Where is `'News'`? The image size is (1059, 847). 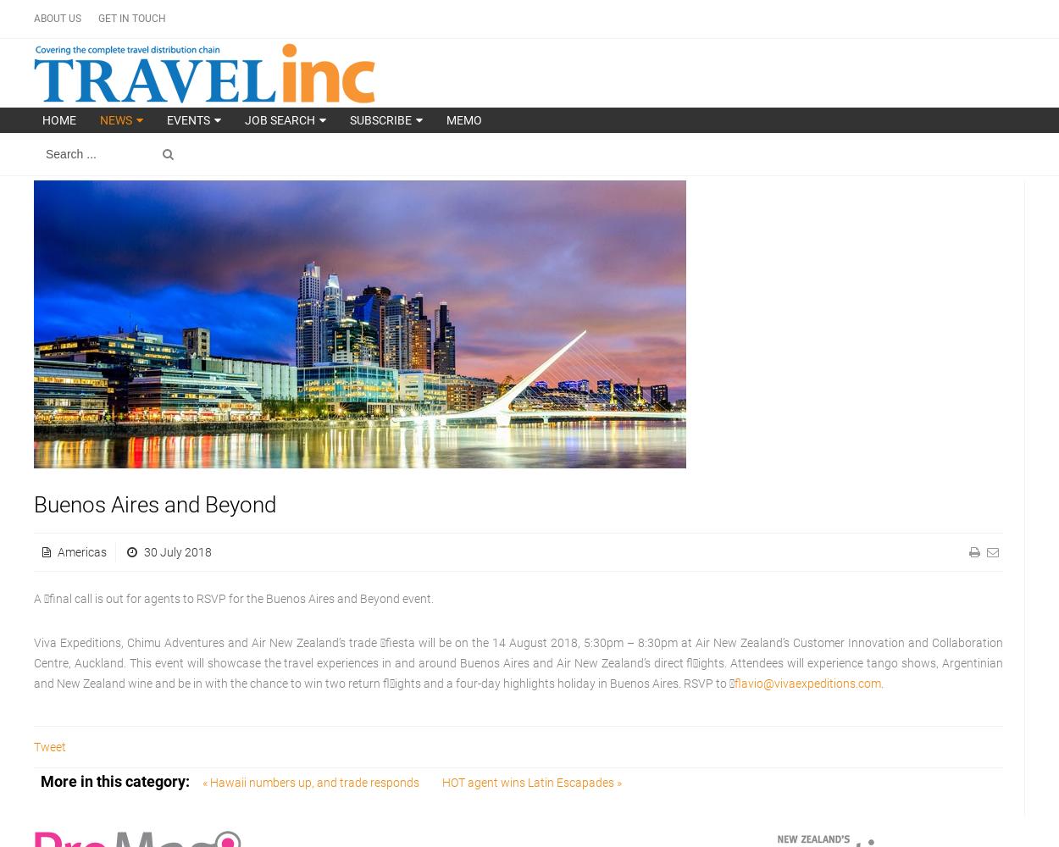 'News' is located at coordinates (116, 120).